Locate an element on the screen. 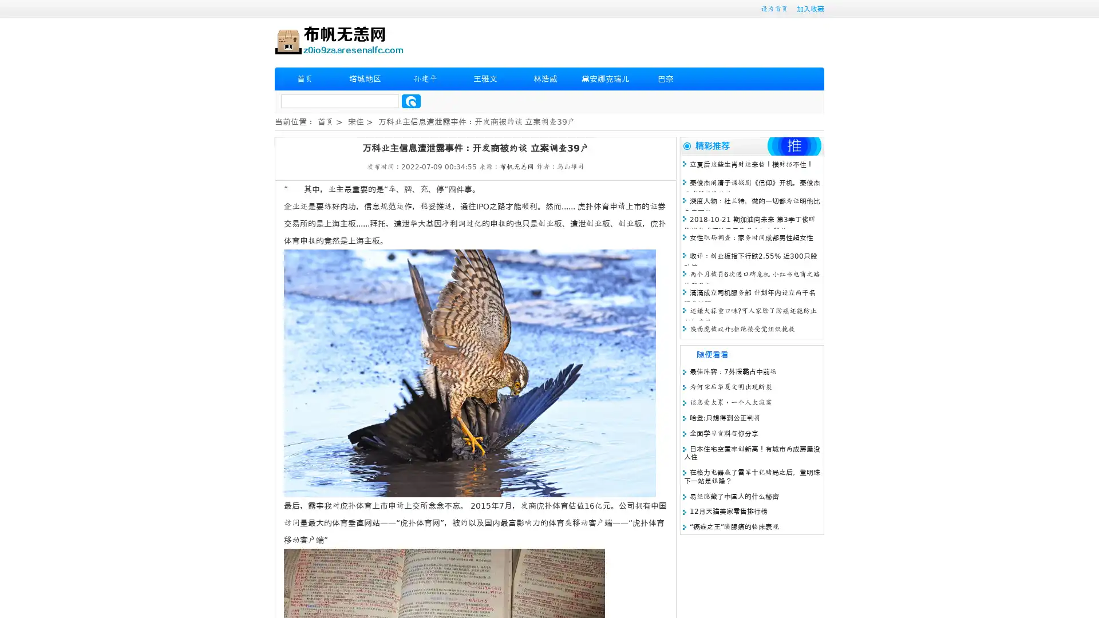 The height and width of the screenshot is (618, 1099). Search is located at coordinates (411, 101).